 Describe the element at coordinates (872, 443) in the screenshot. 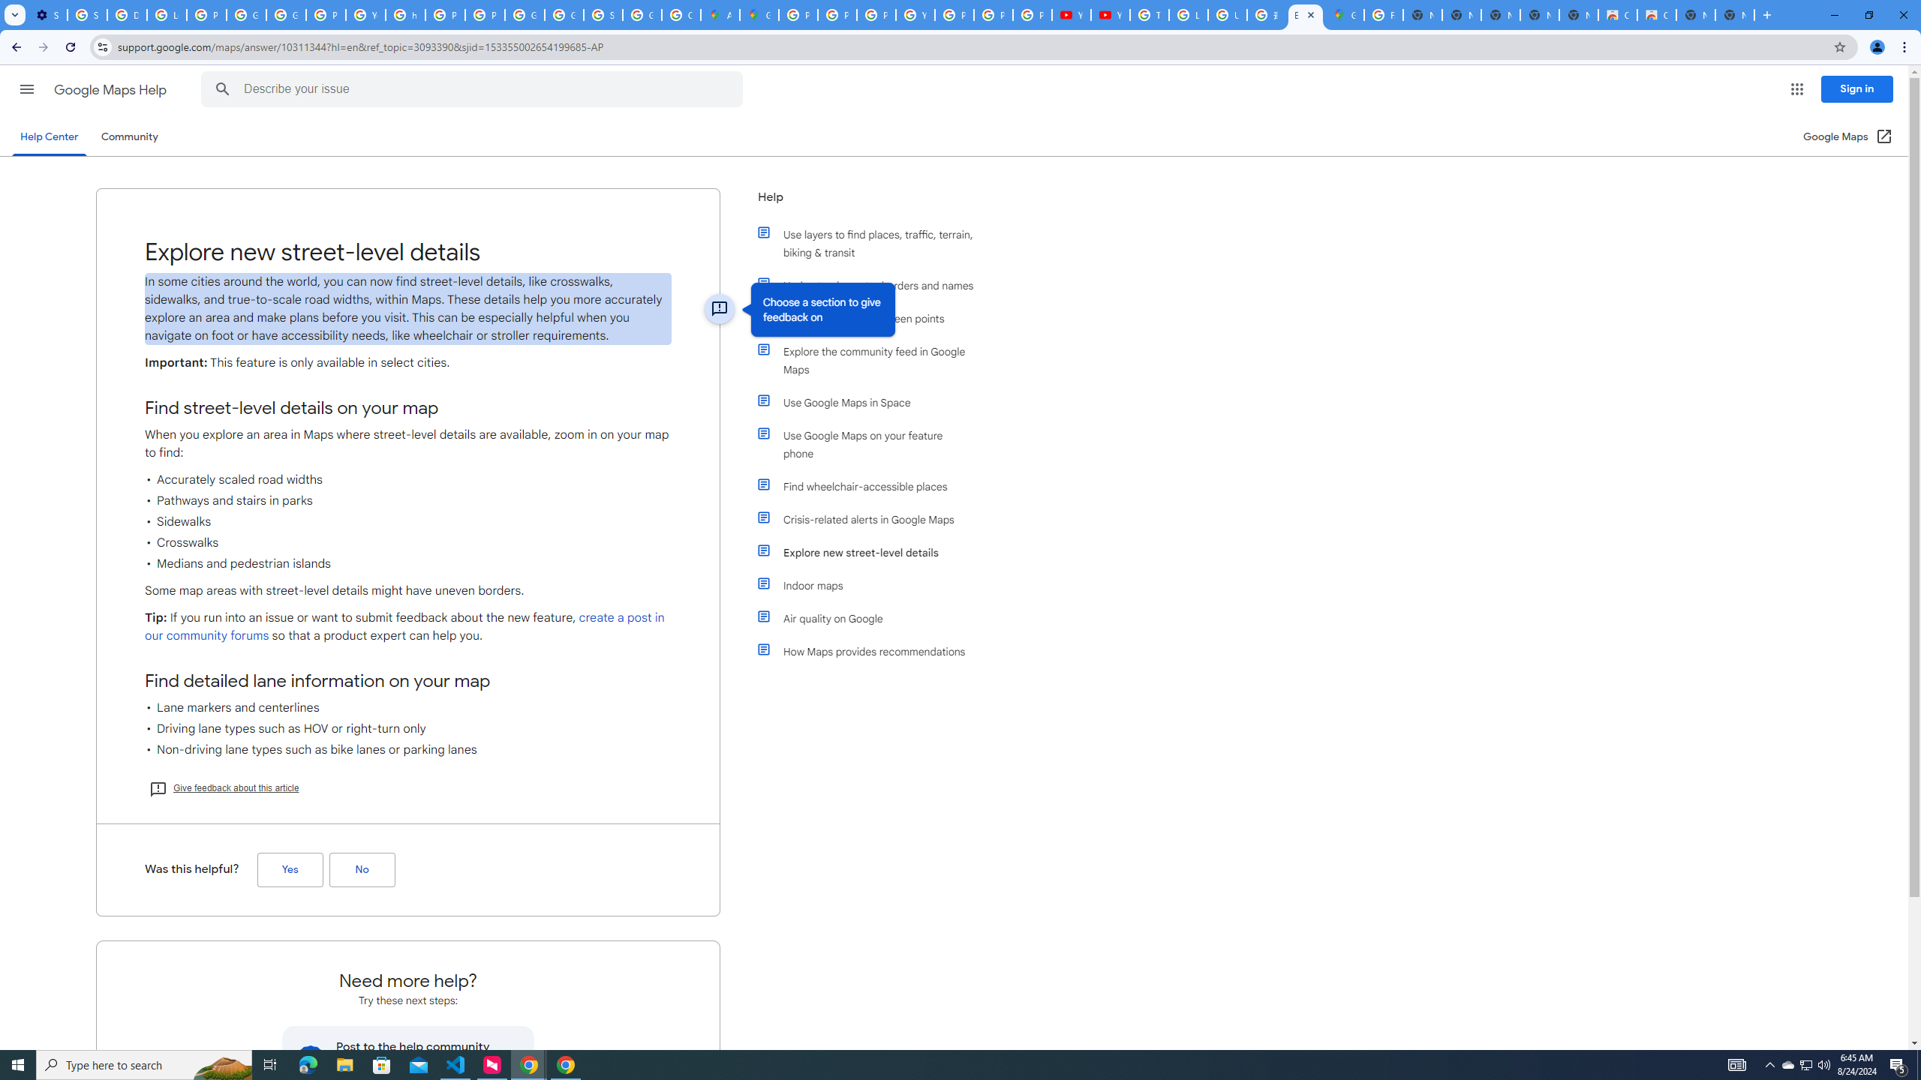

I see `'Use Google Maps on your feature phone'` at that location.